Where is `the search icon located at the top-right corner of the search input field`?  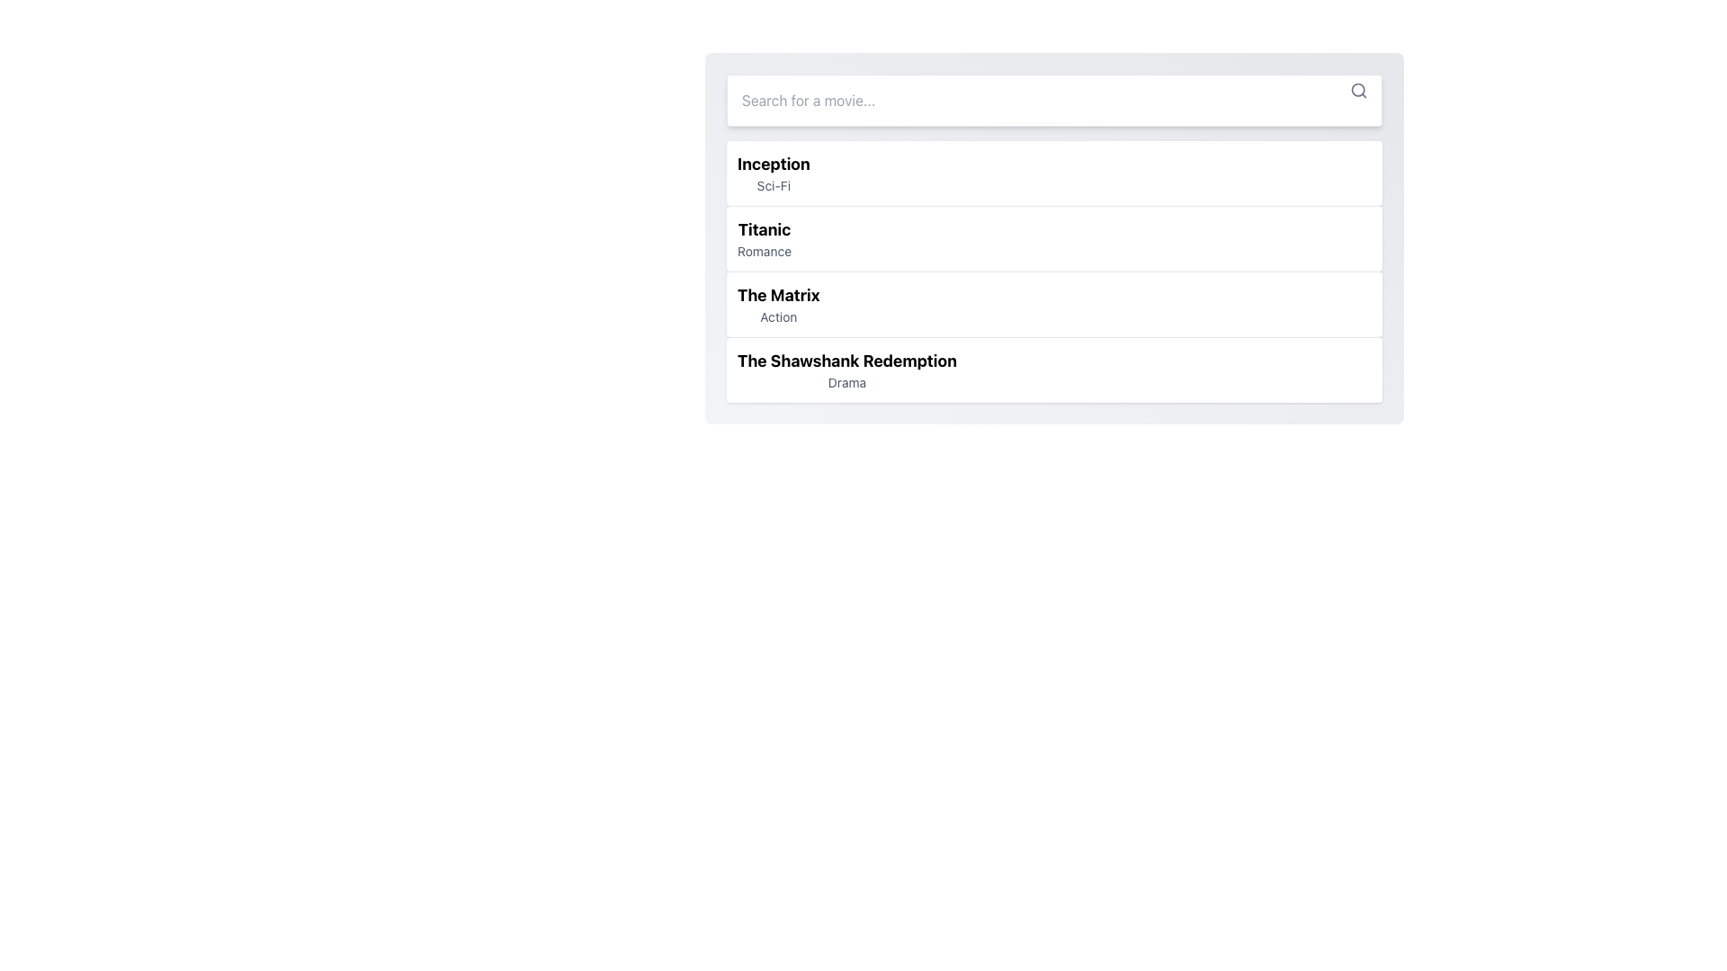 the search icon located at the top-right corner of the search input field is located at coordinates (1359, 90).